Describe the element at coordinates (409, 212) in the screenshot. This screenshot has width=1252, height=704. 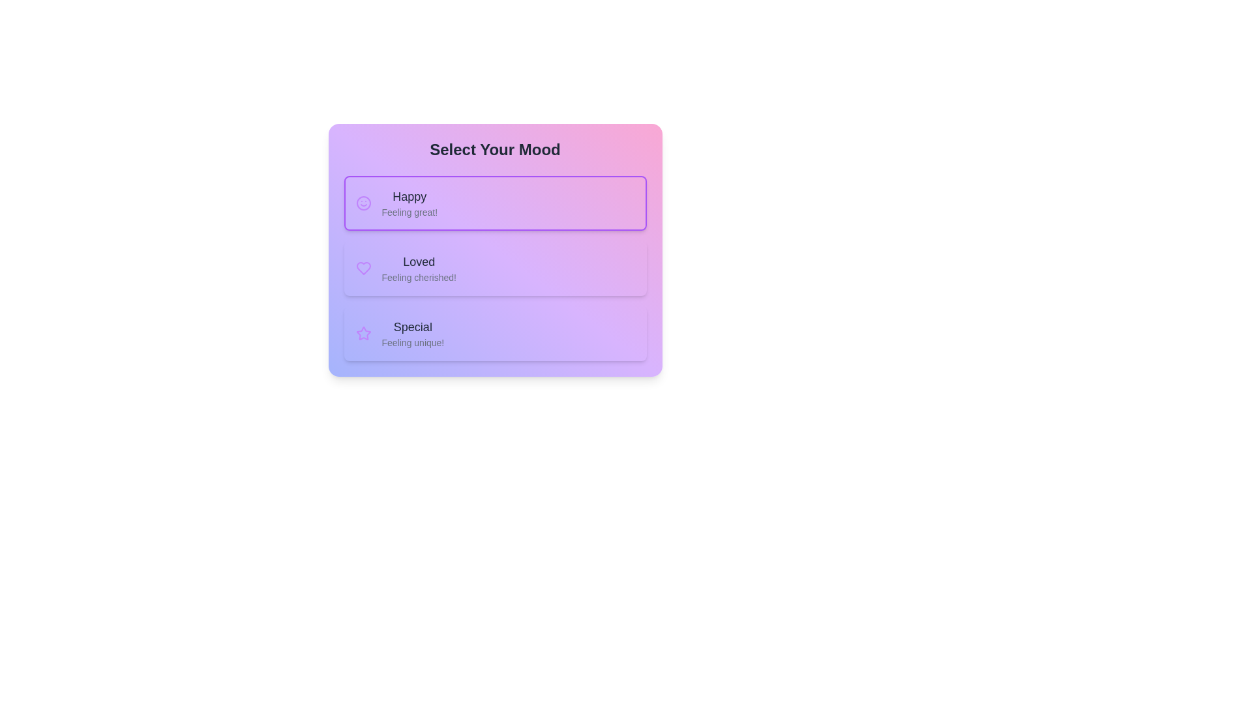
I see `informational text label located directly beneath the 'Happy' mood option in the vertical list of mood options` at that location.